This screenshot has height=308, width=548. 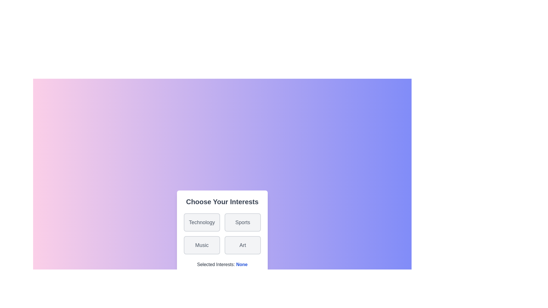 What do you see at coordinates (242, 245) in the screenshot?
I see `the Art button` at bounding box center [242, 245].